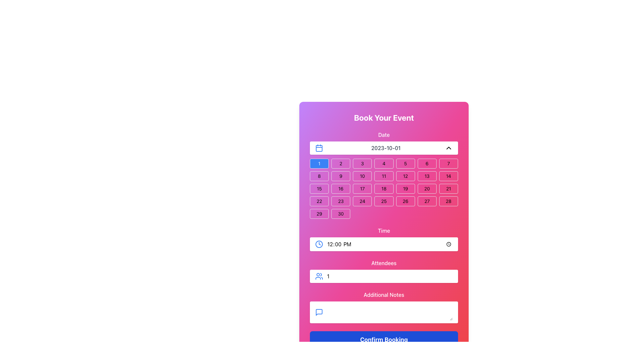 Image resolution: width=635 pixels, height=357 pixels. What do you see at coordinates (427, 176) in the screenshot?
I see `the button displaying '13' in the center of the calendar grid` at bounding box center [427, 176].